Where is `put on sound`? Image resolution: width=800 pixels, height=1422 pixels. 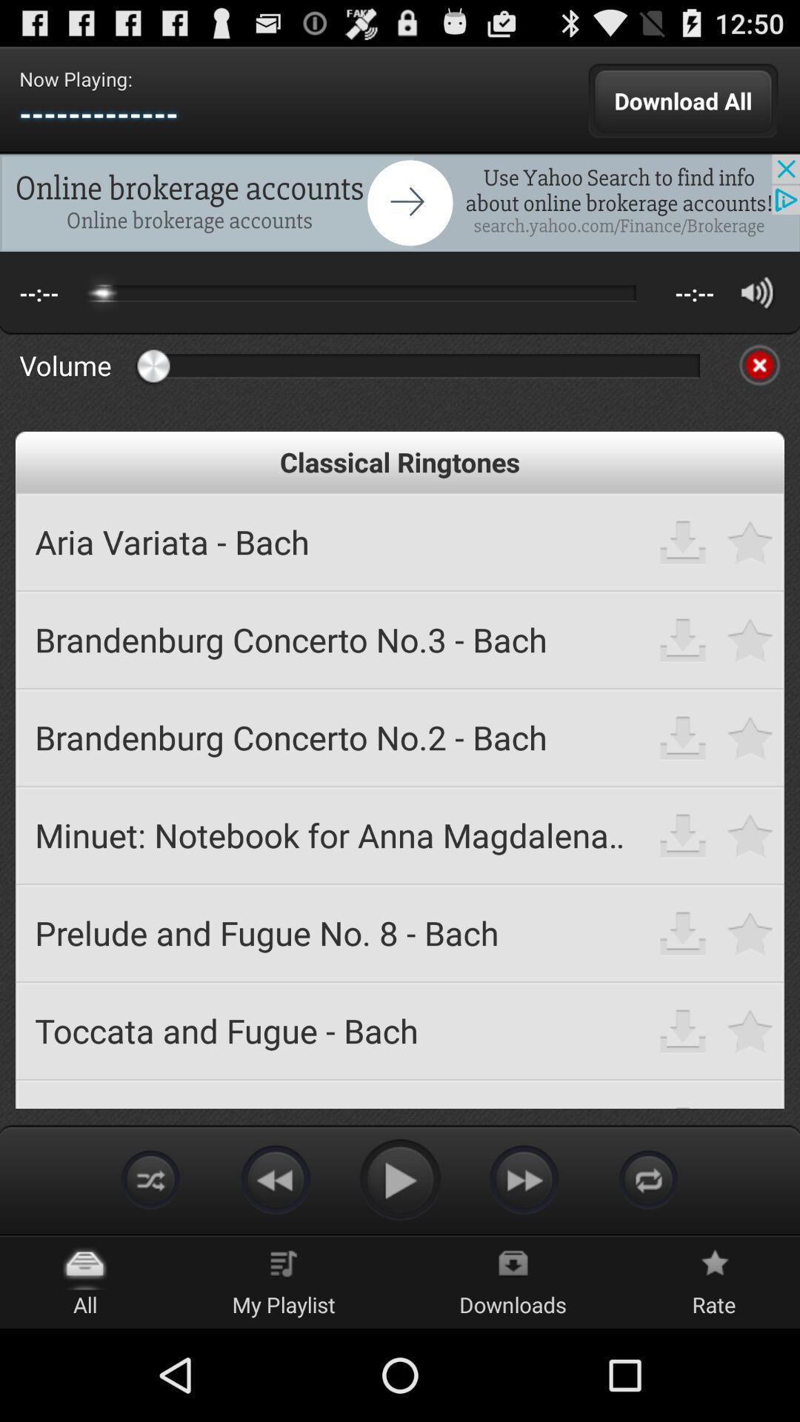 put on sound is located at coordinates (757, 293).